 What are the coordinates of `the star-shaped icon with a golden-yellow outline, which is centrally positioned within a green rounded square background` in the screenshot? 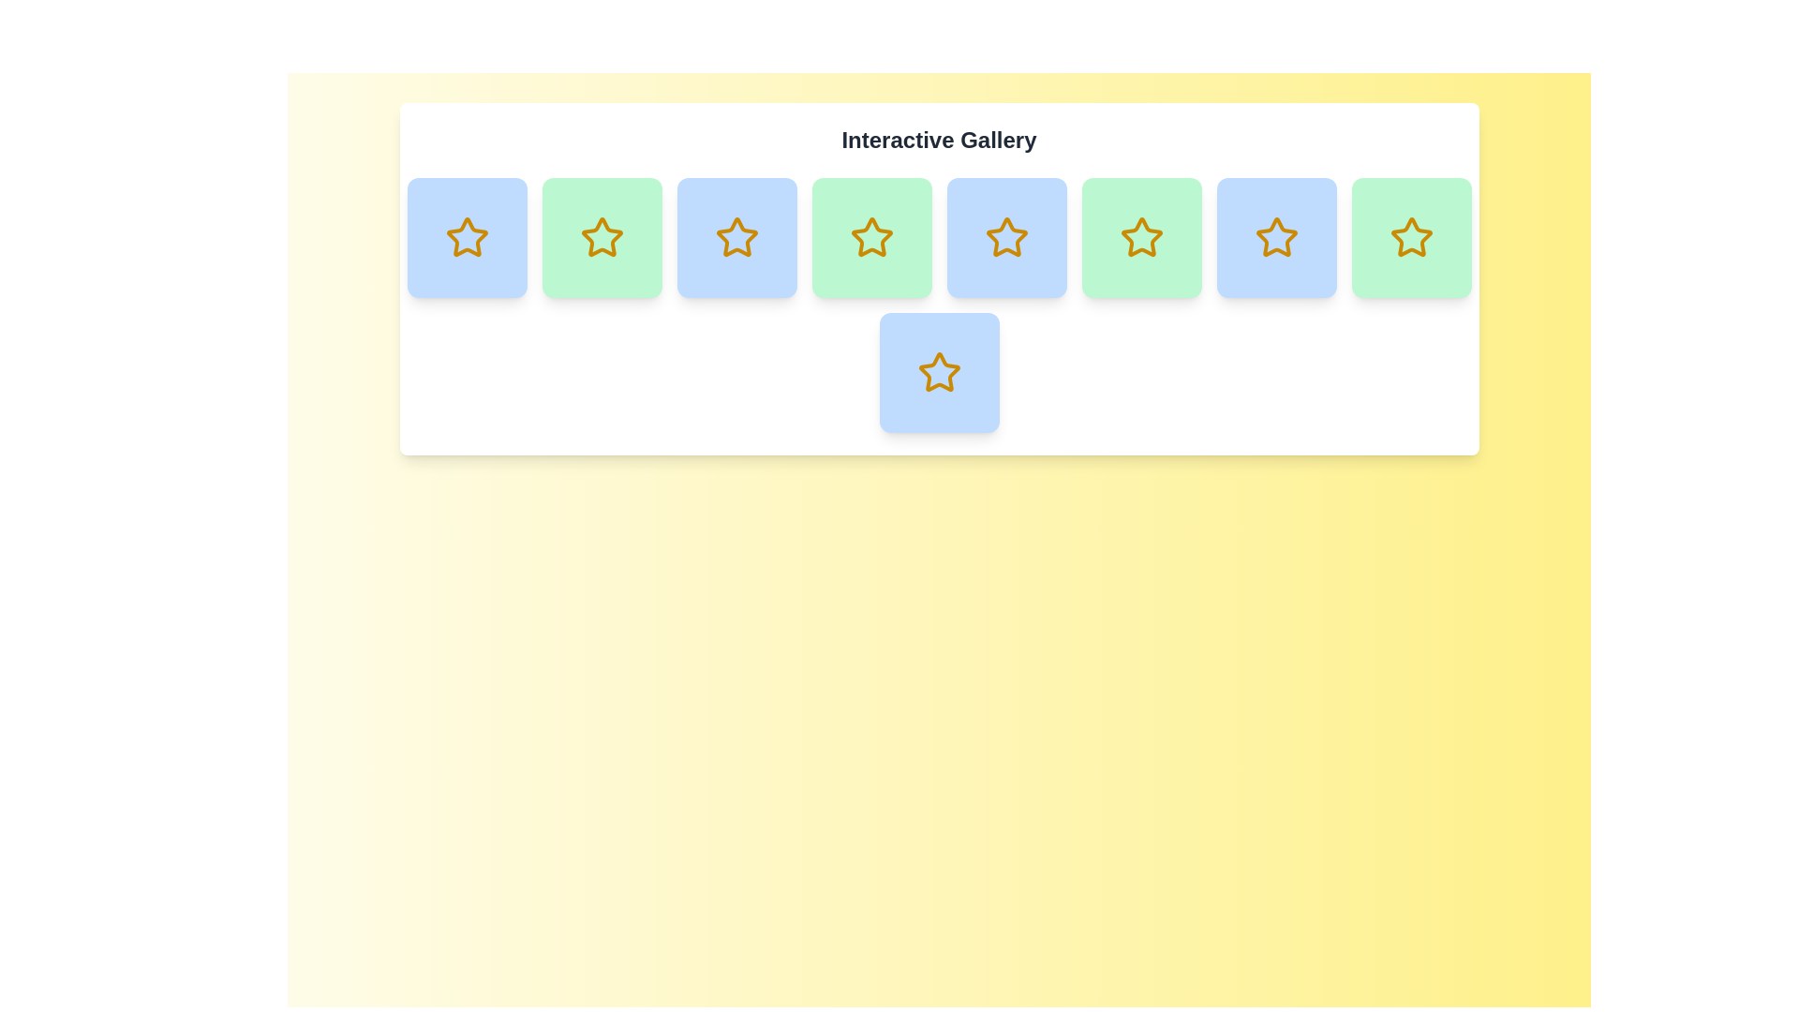 It's located at (1411, 237).